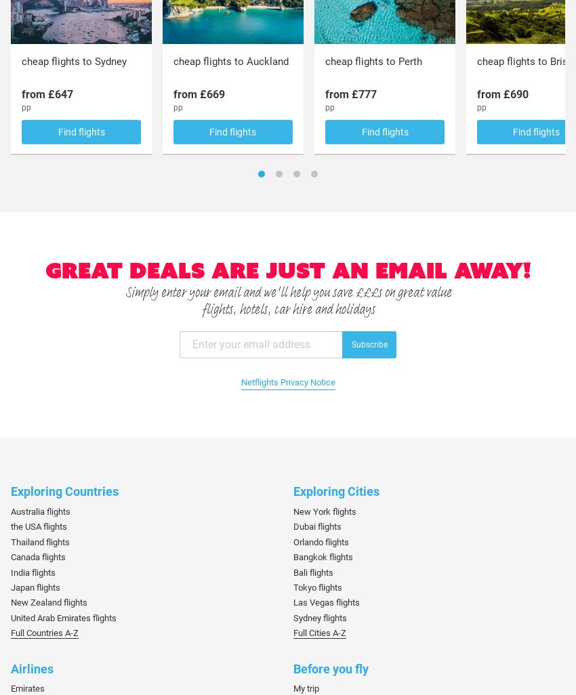  What do you see at coordinates (321, 541) in the screenshot?
I see `'Orlando flights'` at bounding box center [321, 541].